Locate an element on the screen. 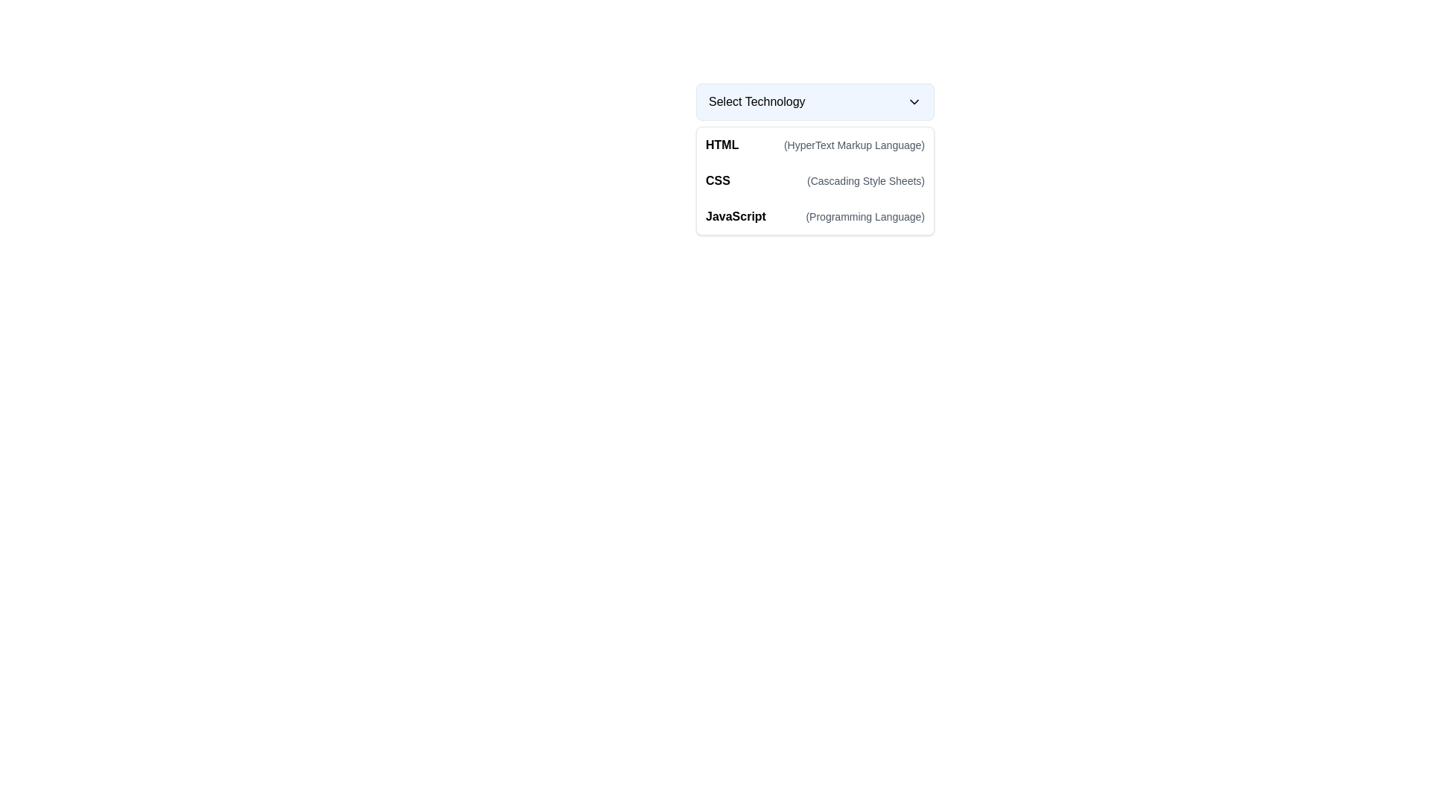  the 'JavaScript' text label, which is styled in bold and aligned to the left, located in the third row under the 'Select Technology' dropdown menu is located at coordinates (736, 216).